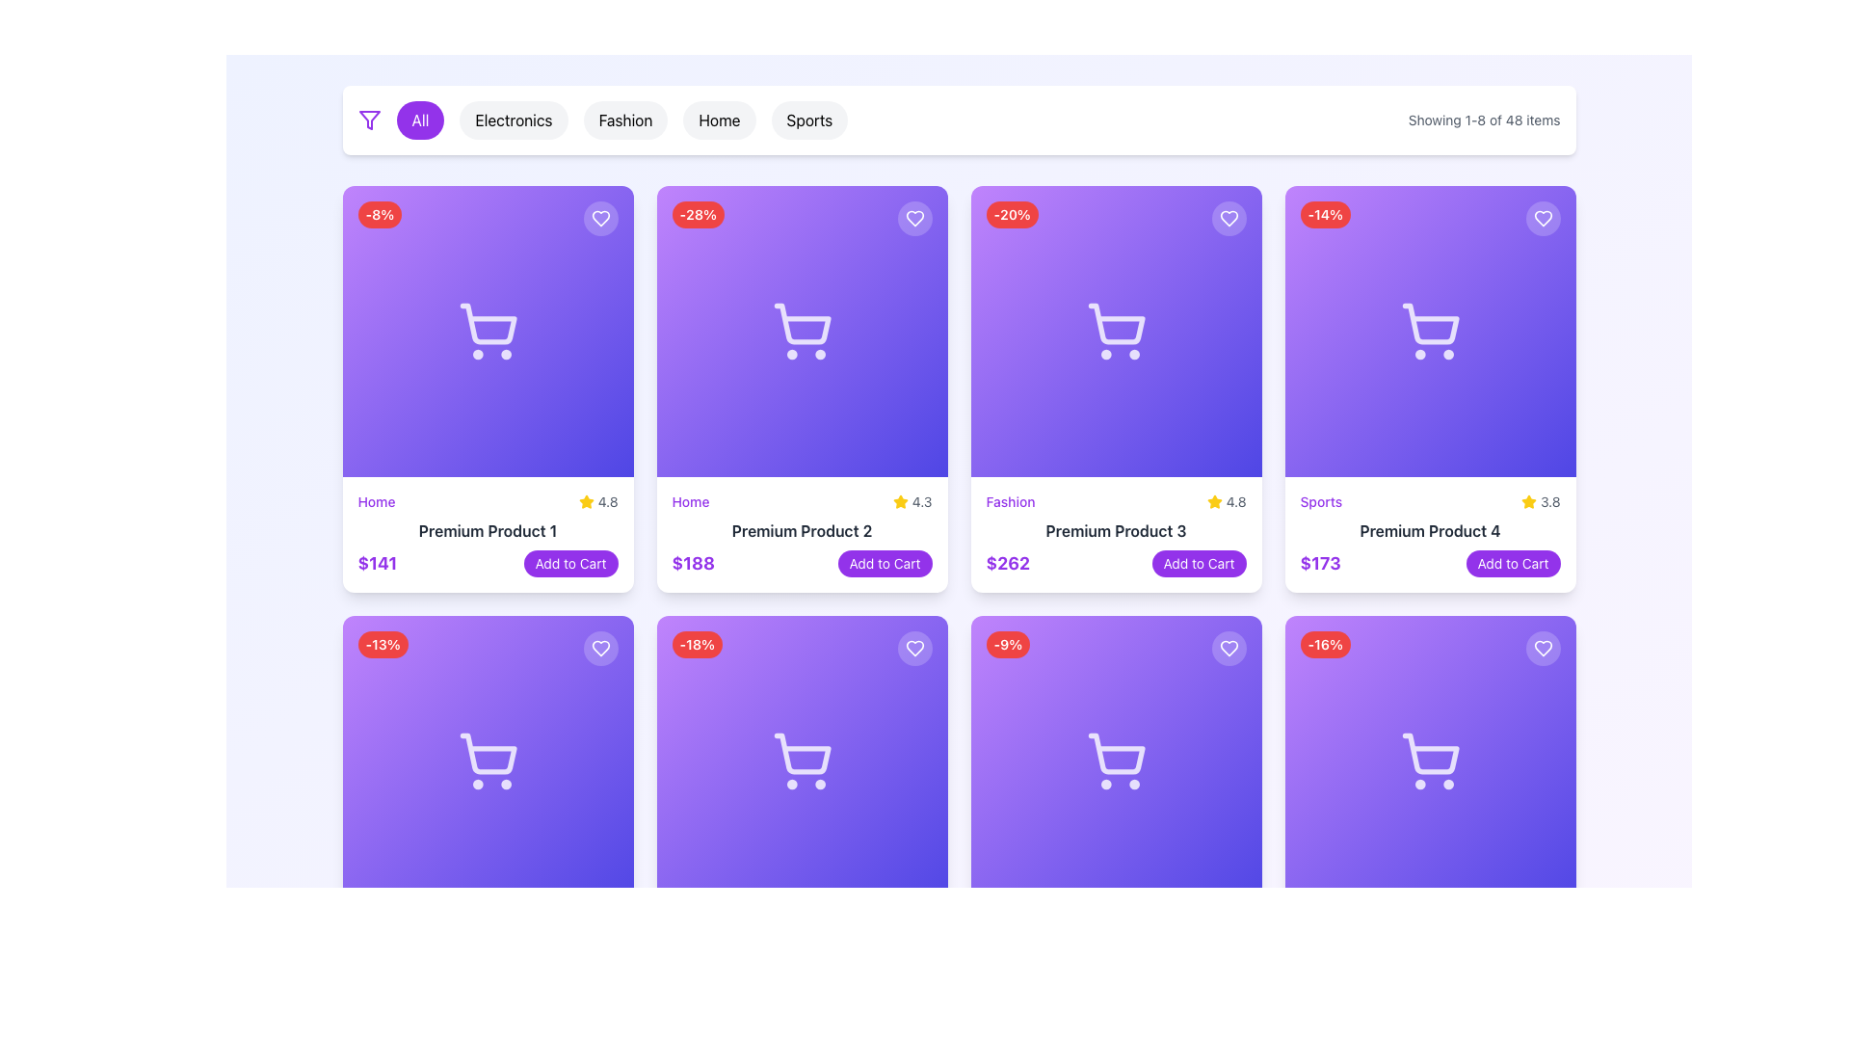 Image resolution: width=1850 pixels, height=1041 pixels. What do you see at coordinates (1430, 753) in the screenshot?
I see `the central component of the shopping cart icon located in the fourth column of the second row of the grid layout` at bounding box center [1430, 753].